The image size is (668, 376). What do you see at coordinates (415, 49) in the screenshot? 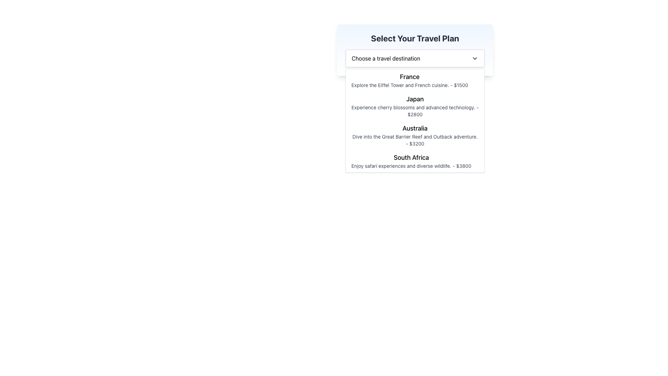
I see `the dropdown menu labeled 'Choose a travel destination'` at bounding box center [415, 49].